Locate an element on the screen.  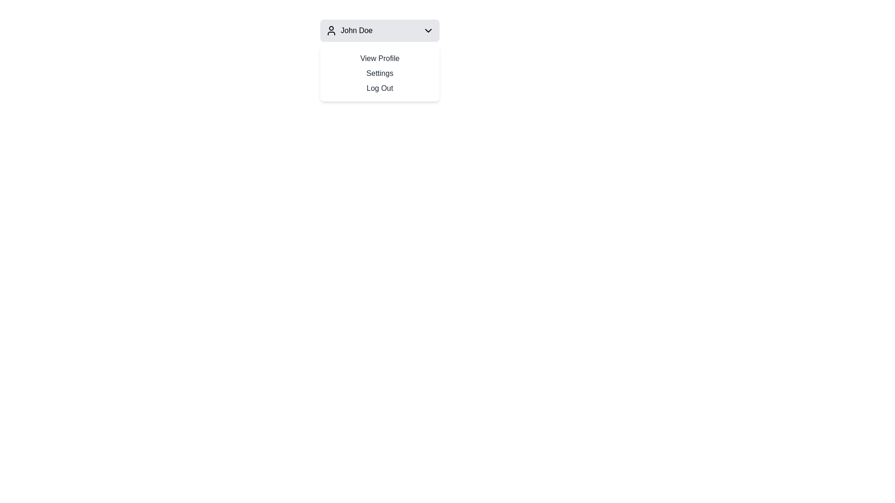
the 'Log Out' text label in the dropdown menu, which is styled with a gray font on a white background and located below 'View Profile' and 'Settings.' is located at coordinates (380, 88).